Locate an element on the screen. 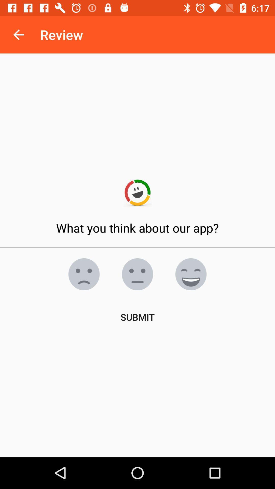  item to the left of review icon is located at coordinates (18, 34).